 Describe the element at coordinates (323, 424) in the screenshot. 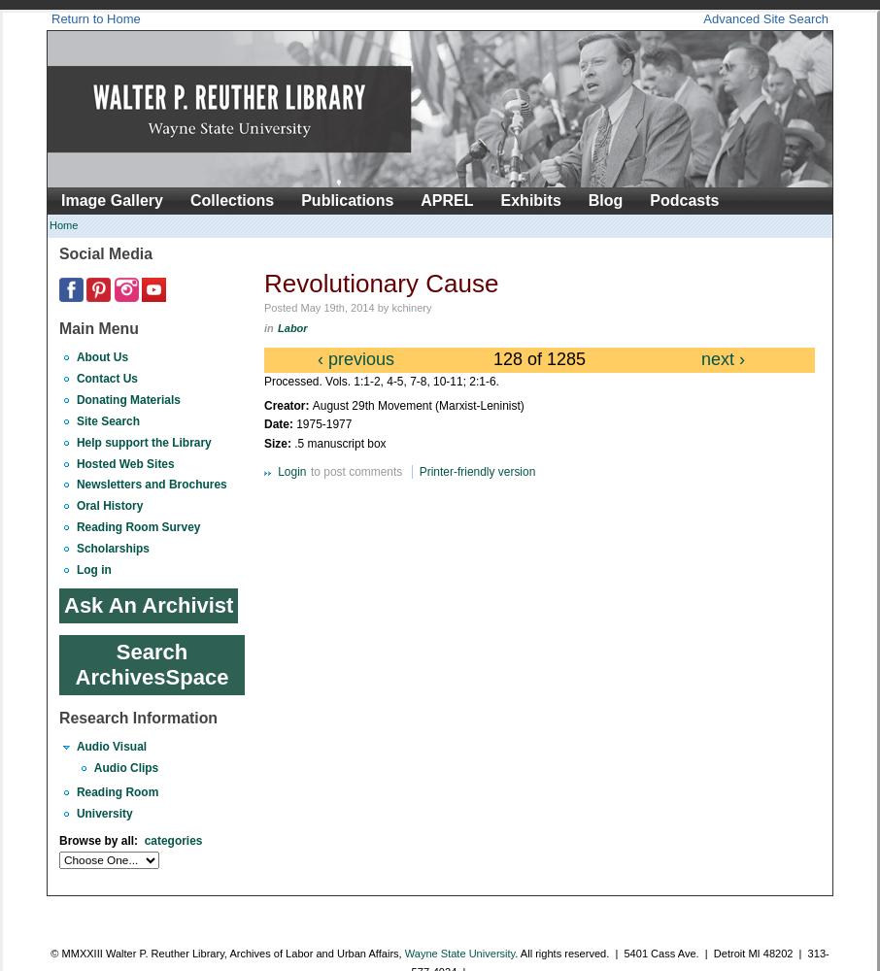

I see `'1975-1977'` at that location.